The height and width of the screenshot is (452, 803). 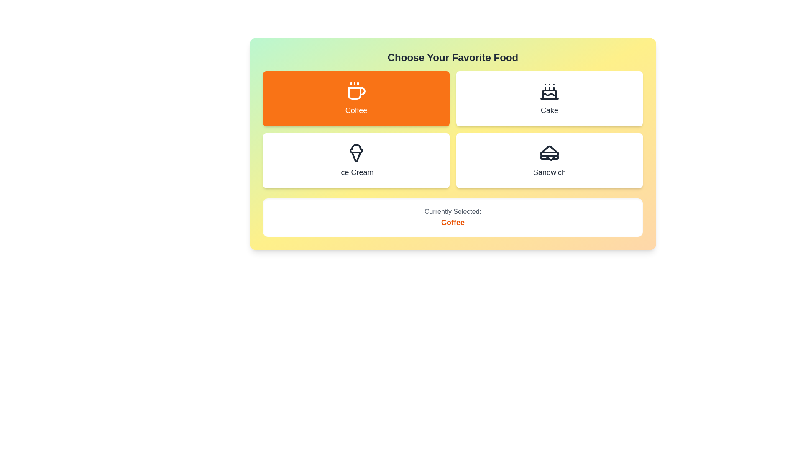 What do you see at coordinates (550, 98) in the screenshot?
I see `the button corresponding to Cake to select it` at bounding box center [550, 98].